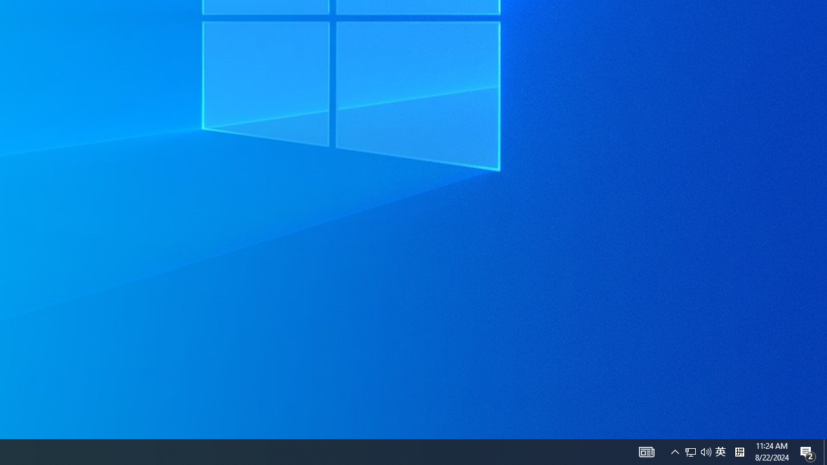 Image resolution: width=827 pixels, height=465 pixels. What do you see at coordinates (706, 451) in the screenshot?
I see `'Notification Chevron'` at bounding box center [706, 451].